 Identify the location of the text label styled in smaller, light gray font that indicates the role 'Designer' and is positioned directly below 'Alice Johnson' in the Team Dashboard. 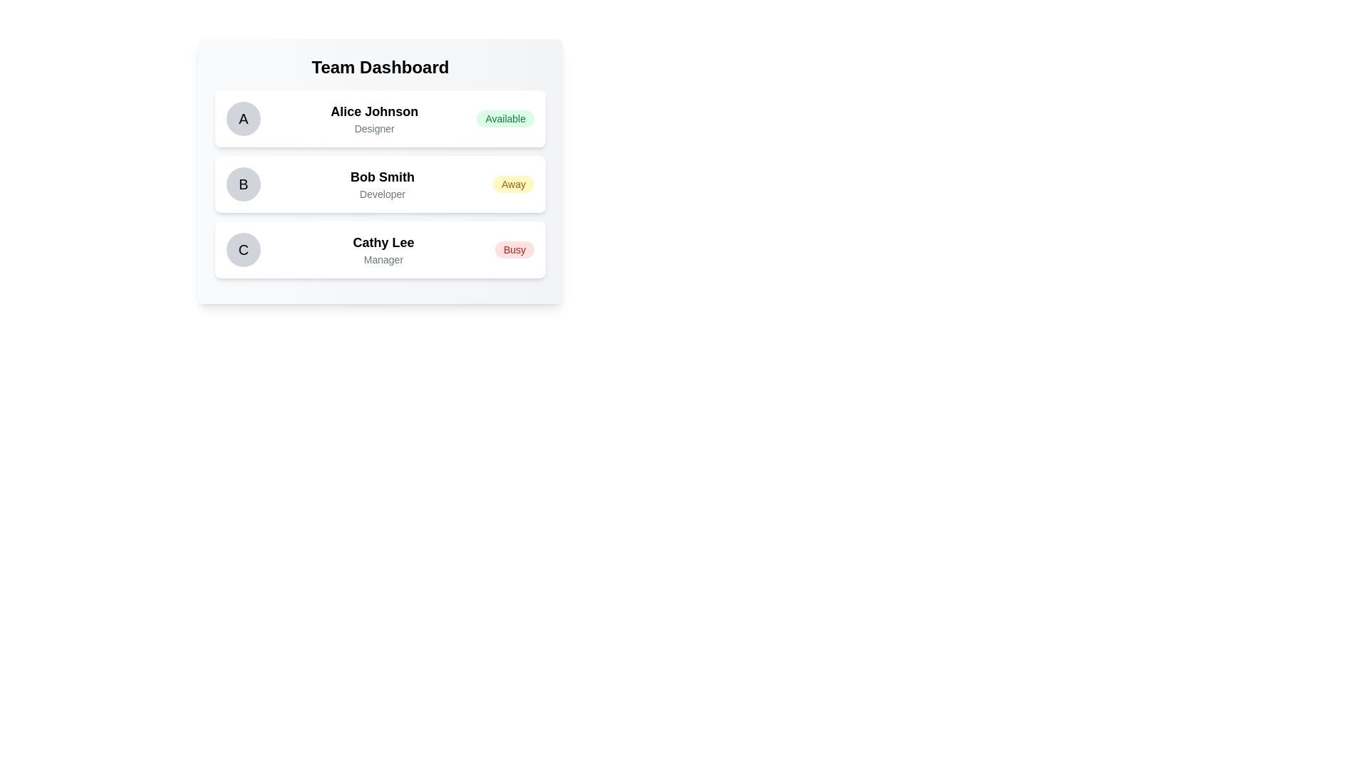
(374, 129).